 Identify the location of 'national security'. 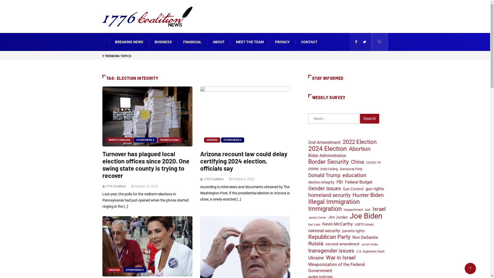
(324, 231).